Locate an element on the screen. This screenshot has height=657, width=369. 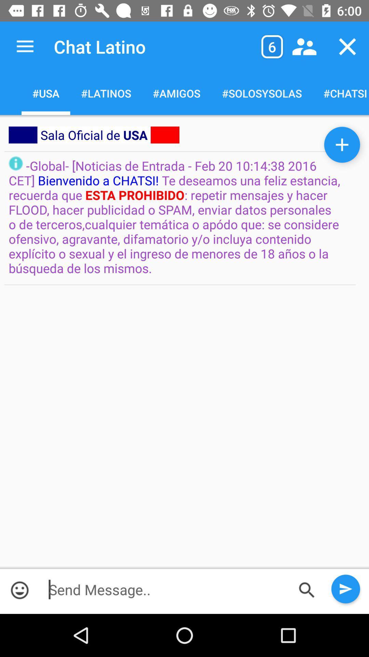
icon above the #chatsi item is located at coordinates (347, 46).